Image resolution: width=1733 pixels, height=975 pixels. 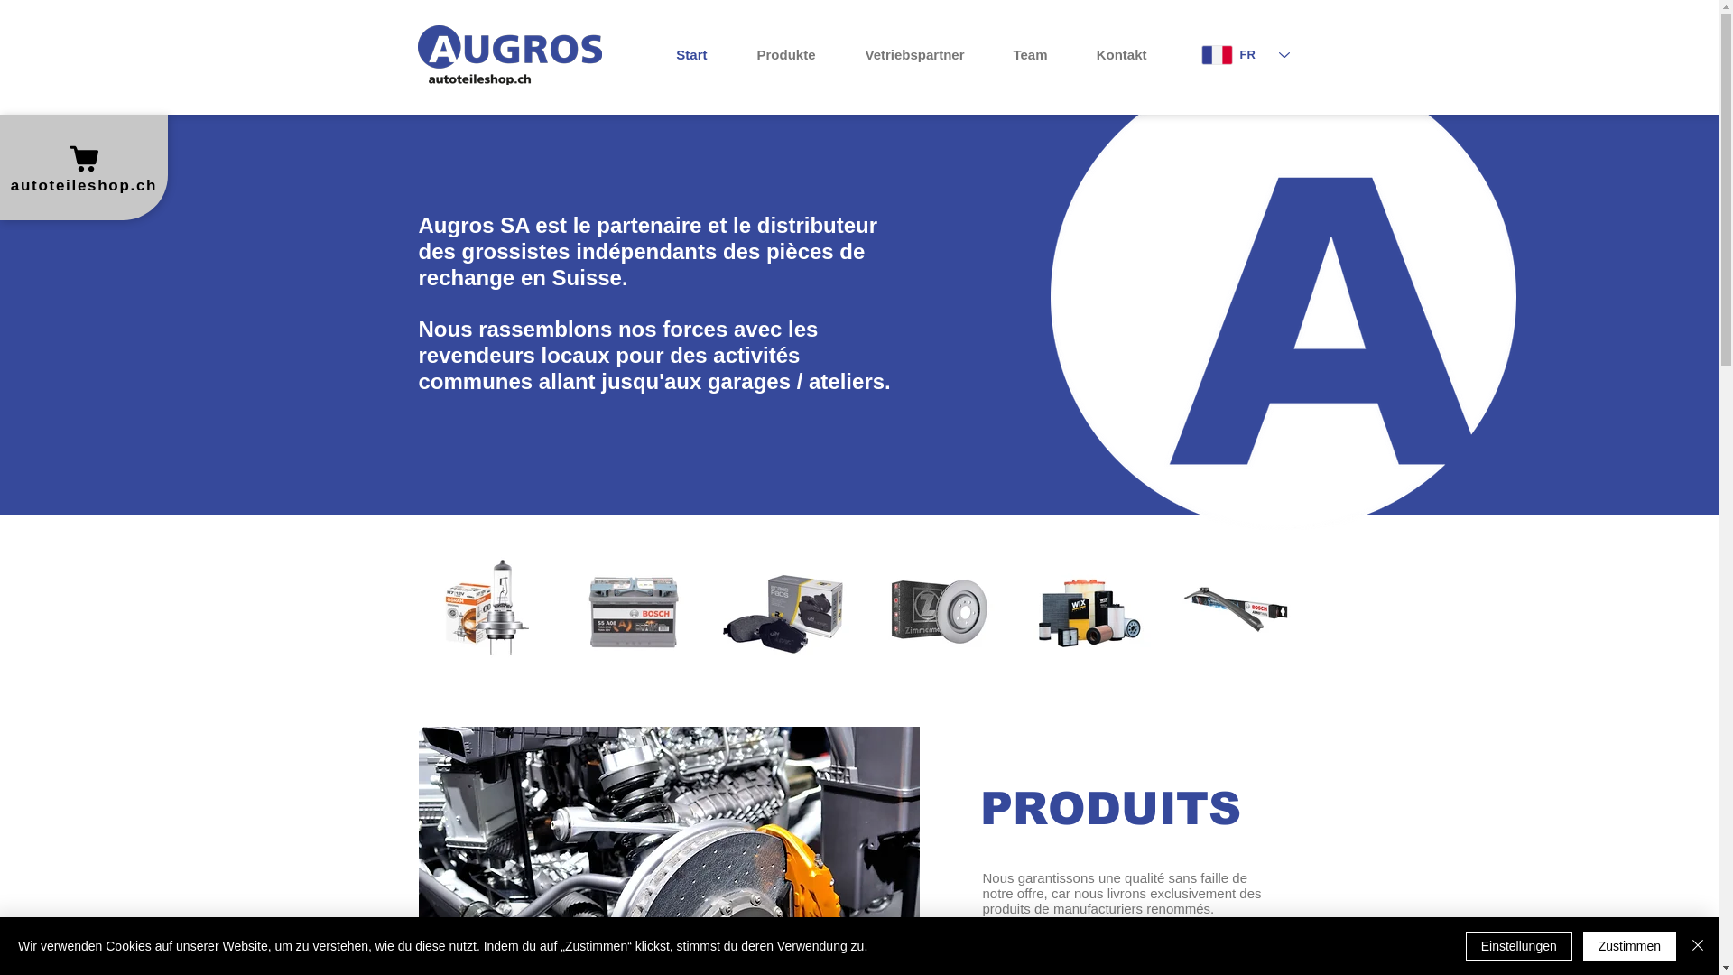 I want to click on 'Vetriebspartner', so click(x=903, y=54).